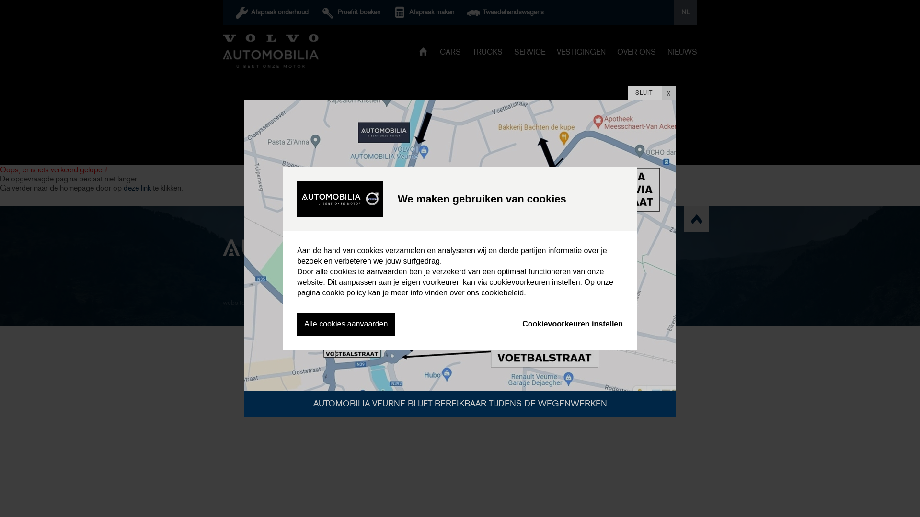 Image resolution: width=920 pixels, height=517 pixels. Describe the element at coordinates (509, 12) in the screenshot. I see `'Tweedehandswagens'` at that location.